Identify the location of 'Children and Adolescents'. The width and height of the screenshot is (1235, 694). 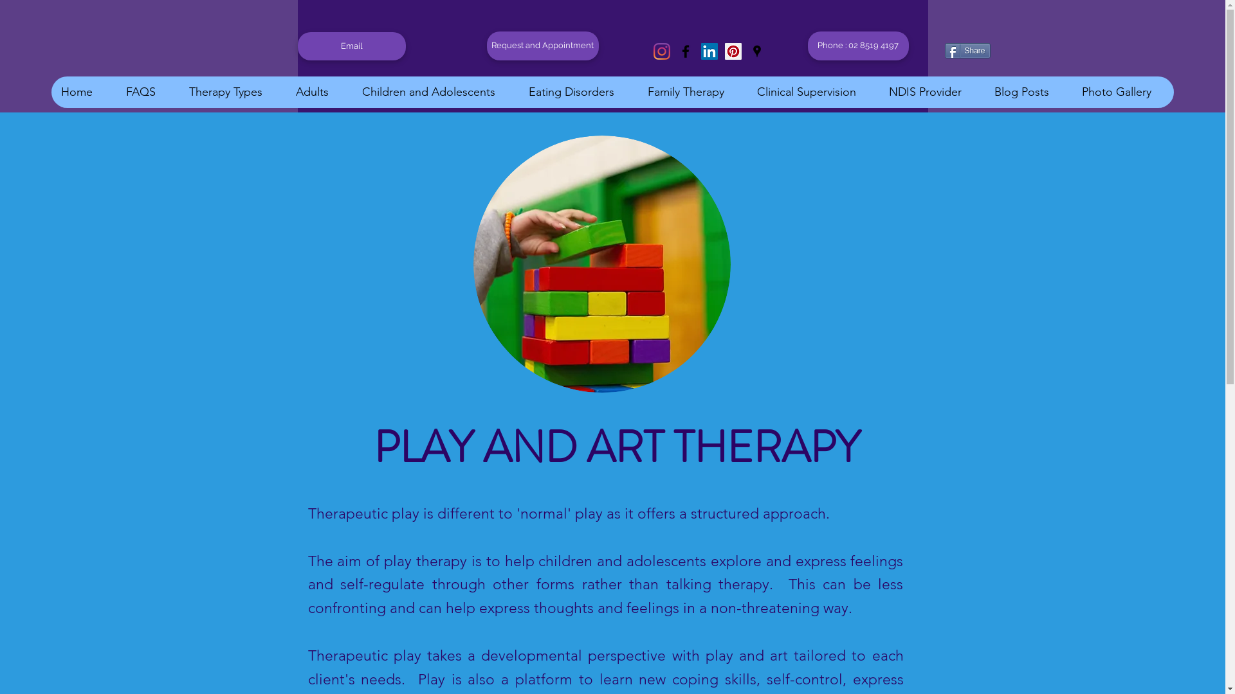
(435, 91).